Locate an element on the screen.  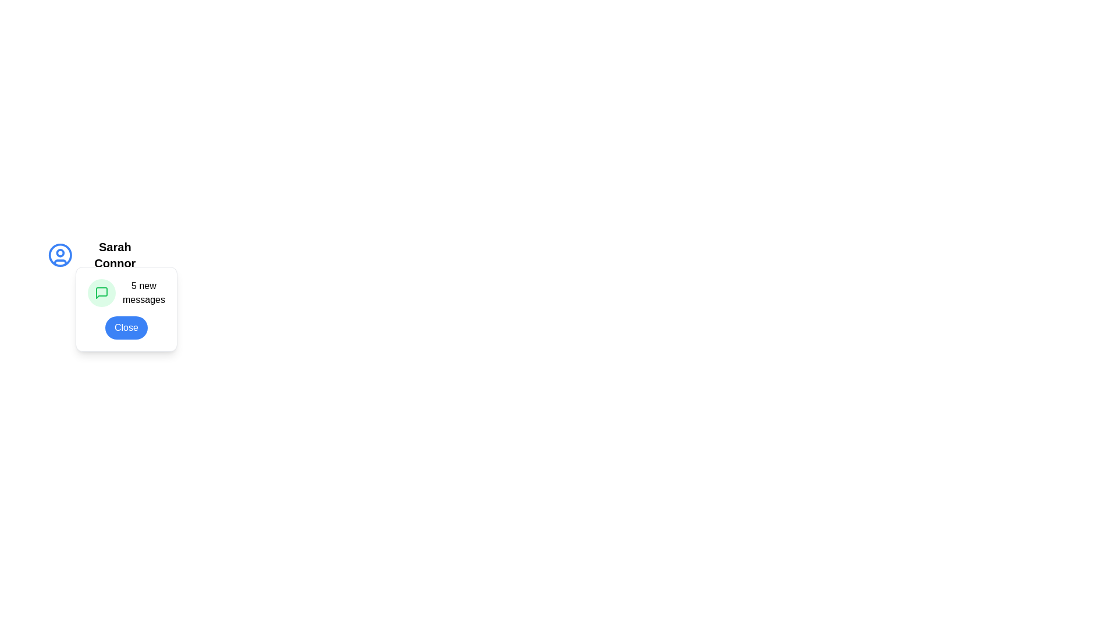
the Notification indicator which shows '5 new messages' within a green circle, located near the center-left of the interface, above the blue 'Close' button is located at coordinates (126, 292).